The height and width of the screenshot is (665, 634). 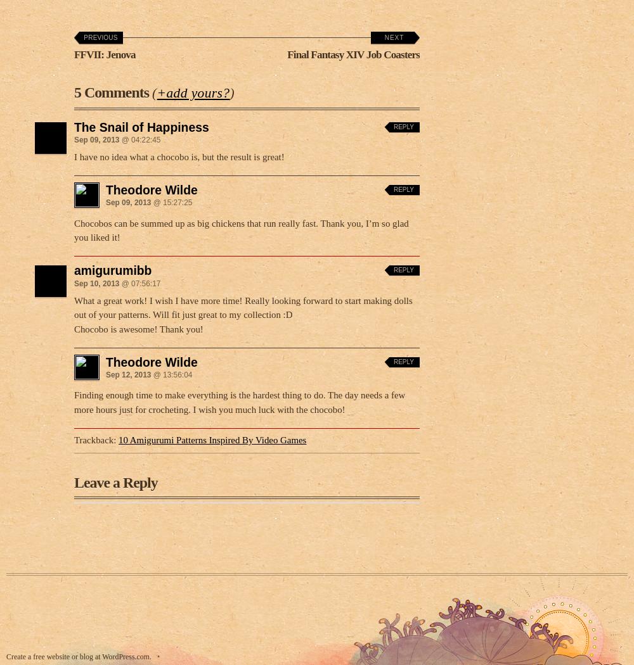 I want to click on 'Finding enough time to make everything is the hardest thing to do. The day needs a few more hours just for crocheting.  I wish you much luck with the chocobo!', so click(x=240, y=399).